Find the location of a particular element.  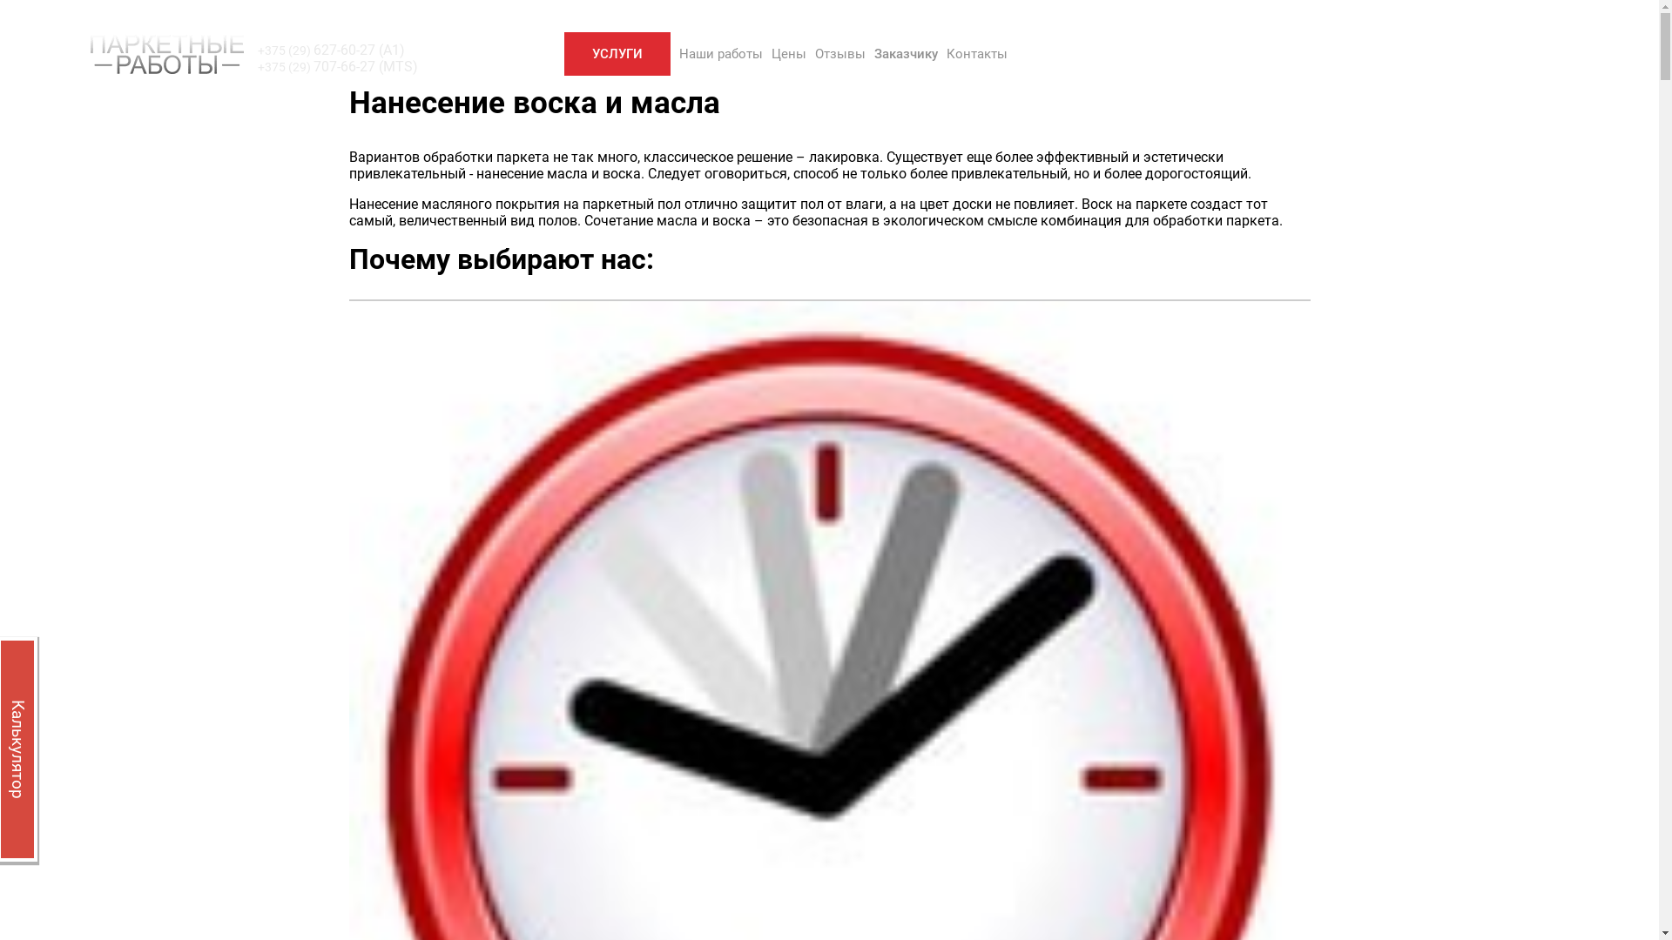

'+375 (29) 627-60-27 (A1)' is located at coordinates (338, 49).